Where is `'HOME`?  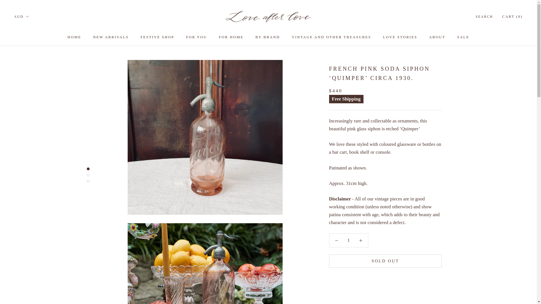
'HOME is located at coordinates (68, 37).